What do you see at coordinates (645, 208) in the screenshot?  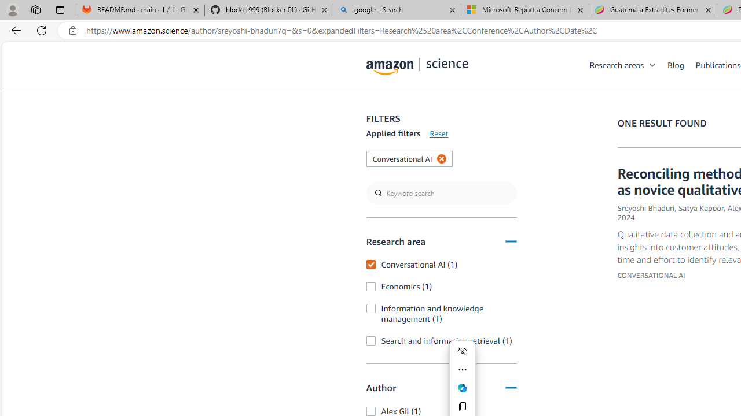 I see `'Sreyoshi Bhaduri'` at bounding box center [645, 208].